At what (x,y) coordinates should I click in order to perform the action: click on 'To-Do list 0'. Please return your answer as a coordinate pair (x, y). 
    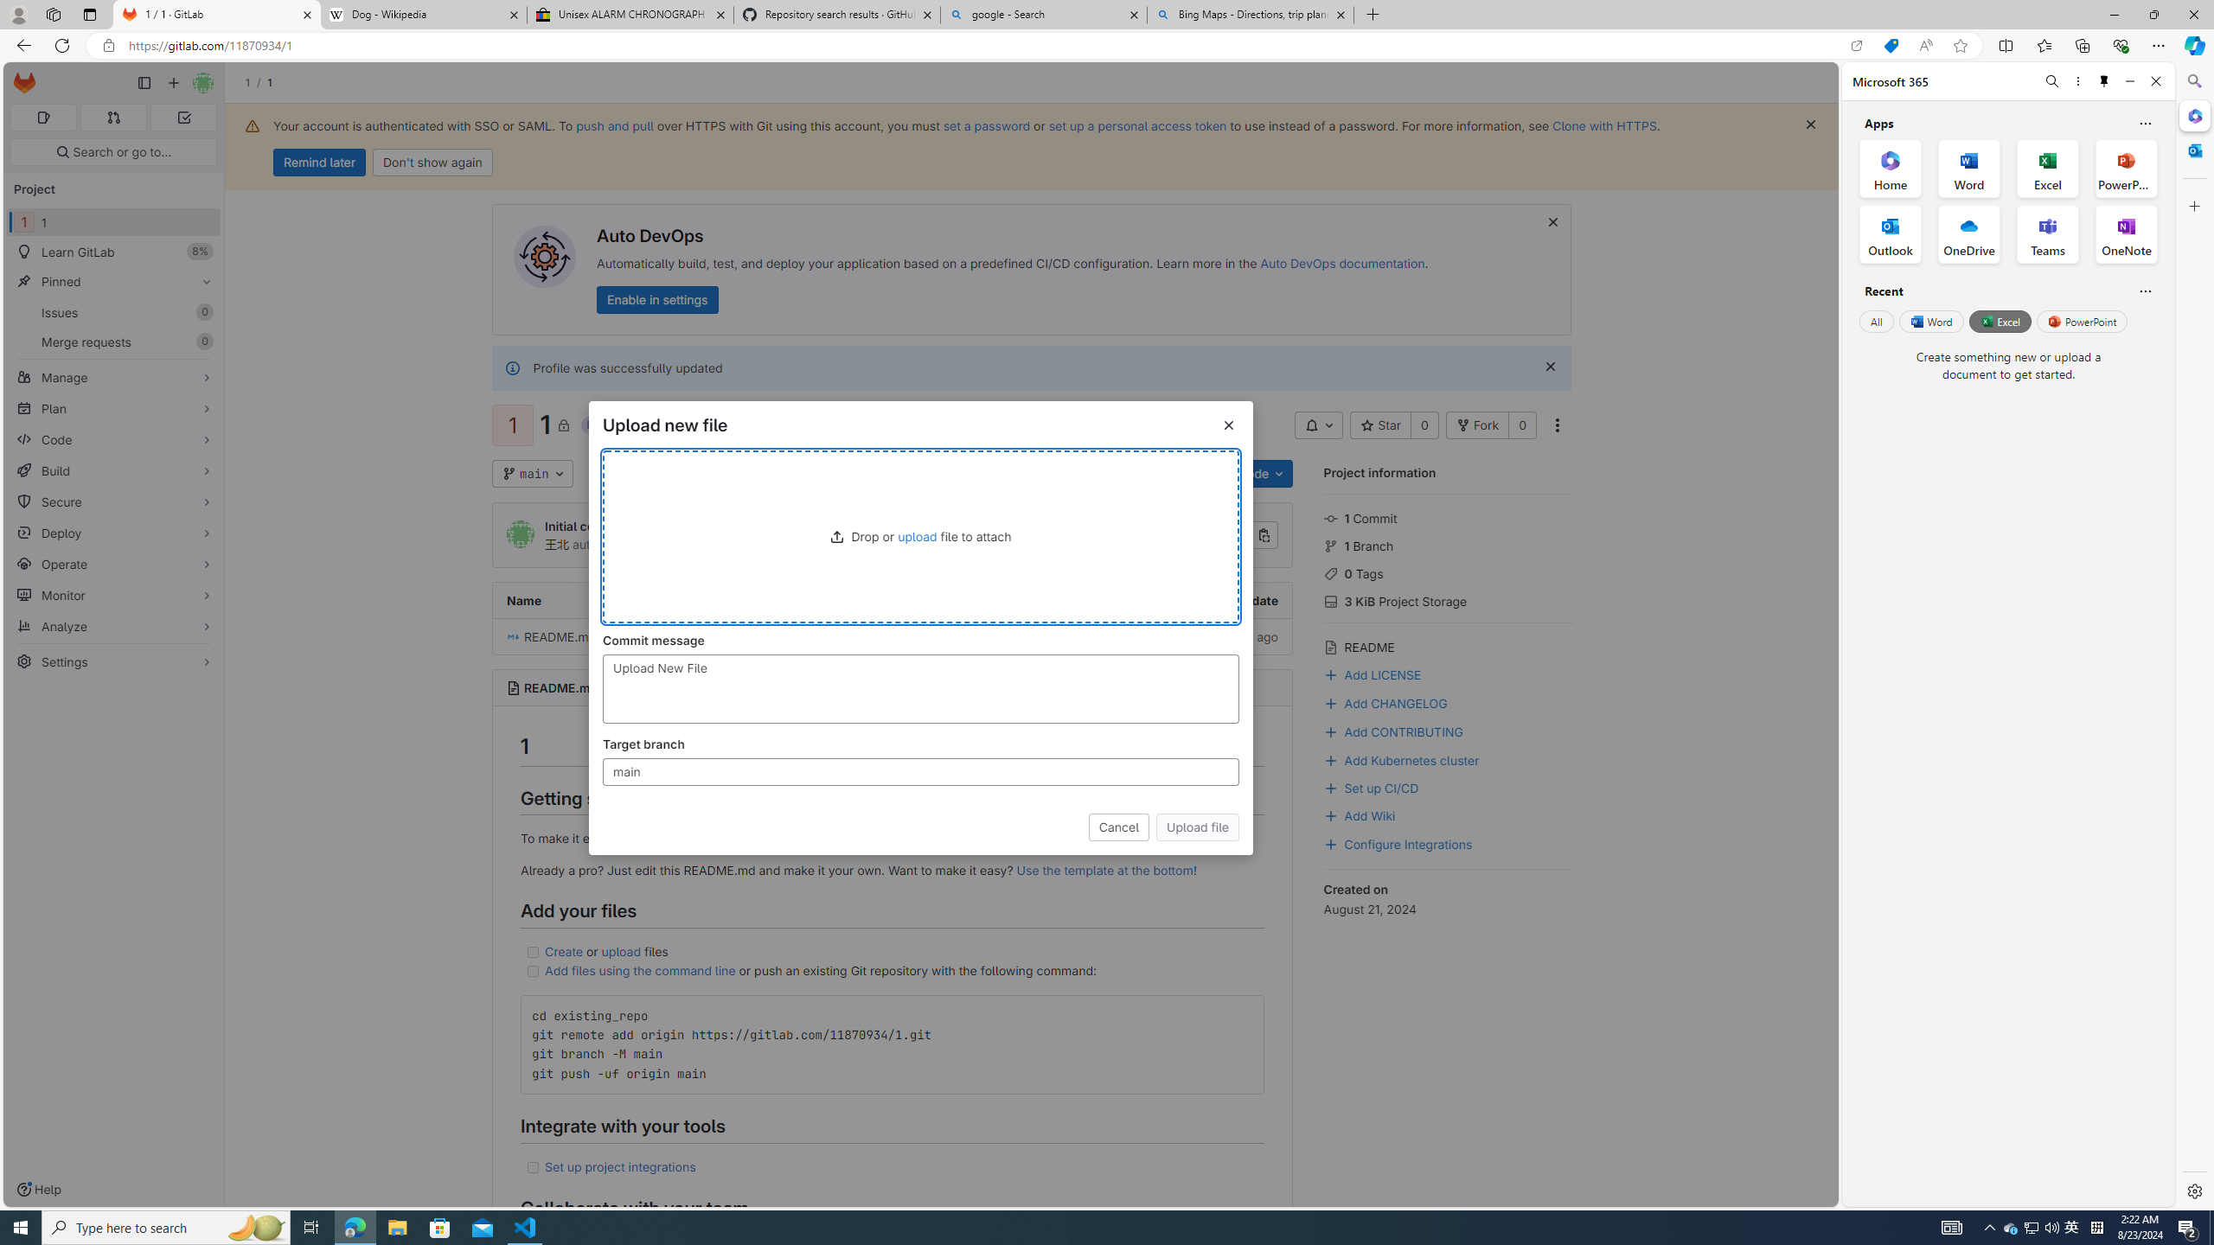
    Looking at the image, I should click on (182, 117).